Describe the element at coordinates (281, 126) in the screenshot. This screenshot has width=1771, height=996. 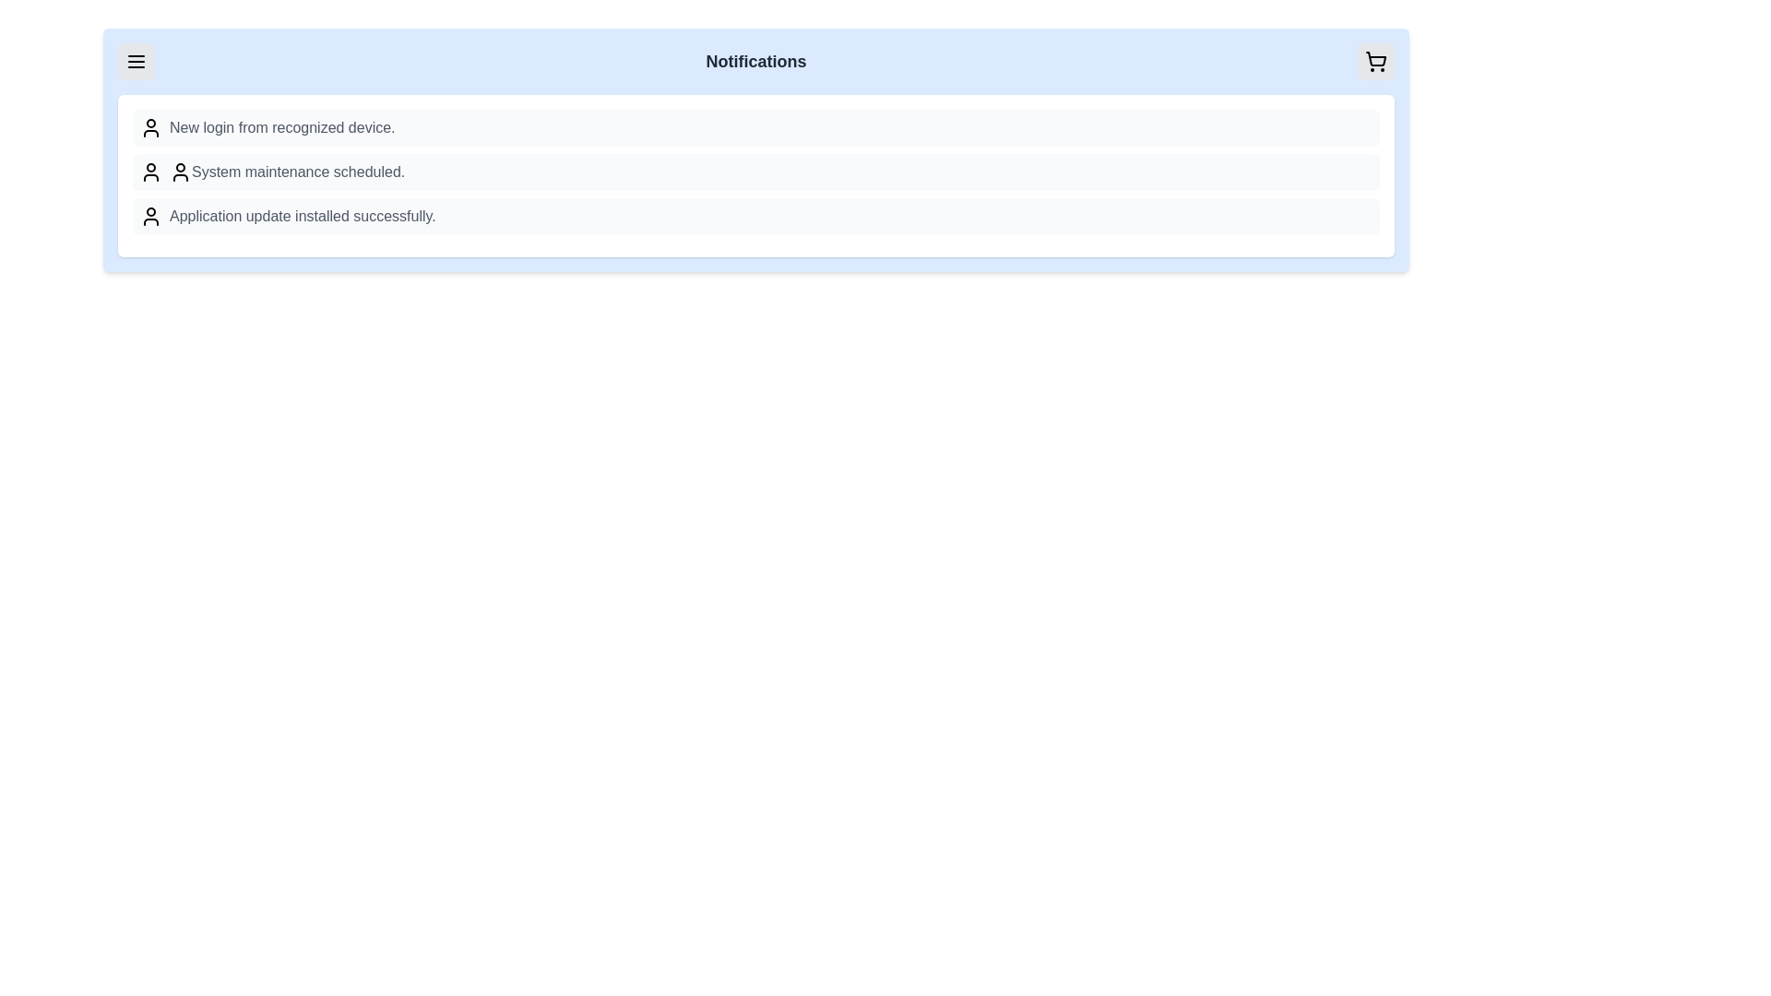
I see `the first text line in the notification panel that conveys information about a new login from a recognized device, positioned near the user icon` at that location.